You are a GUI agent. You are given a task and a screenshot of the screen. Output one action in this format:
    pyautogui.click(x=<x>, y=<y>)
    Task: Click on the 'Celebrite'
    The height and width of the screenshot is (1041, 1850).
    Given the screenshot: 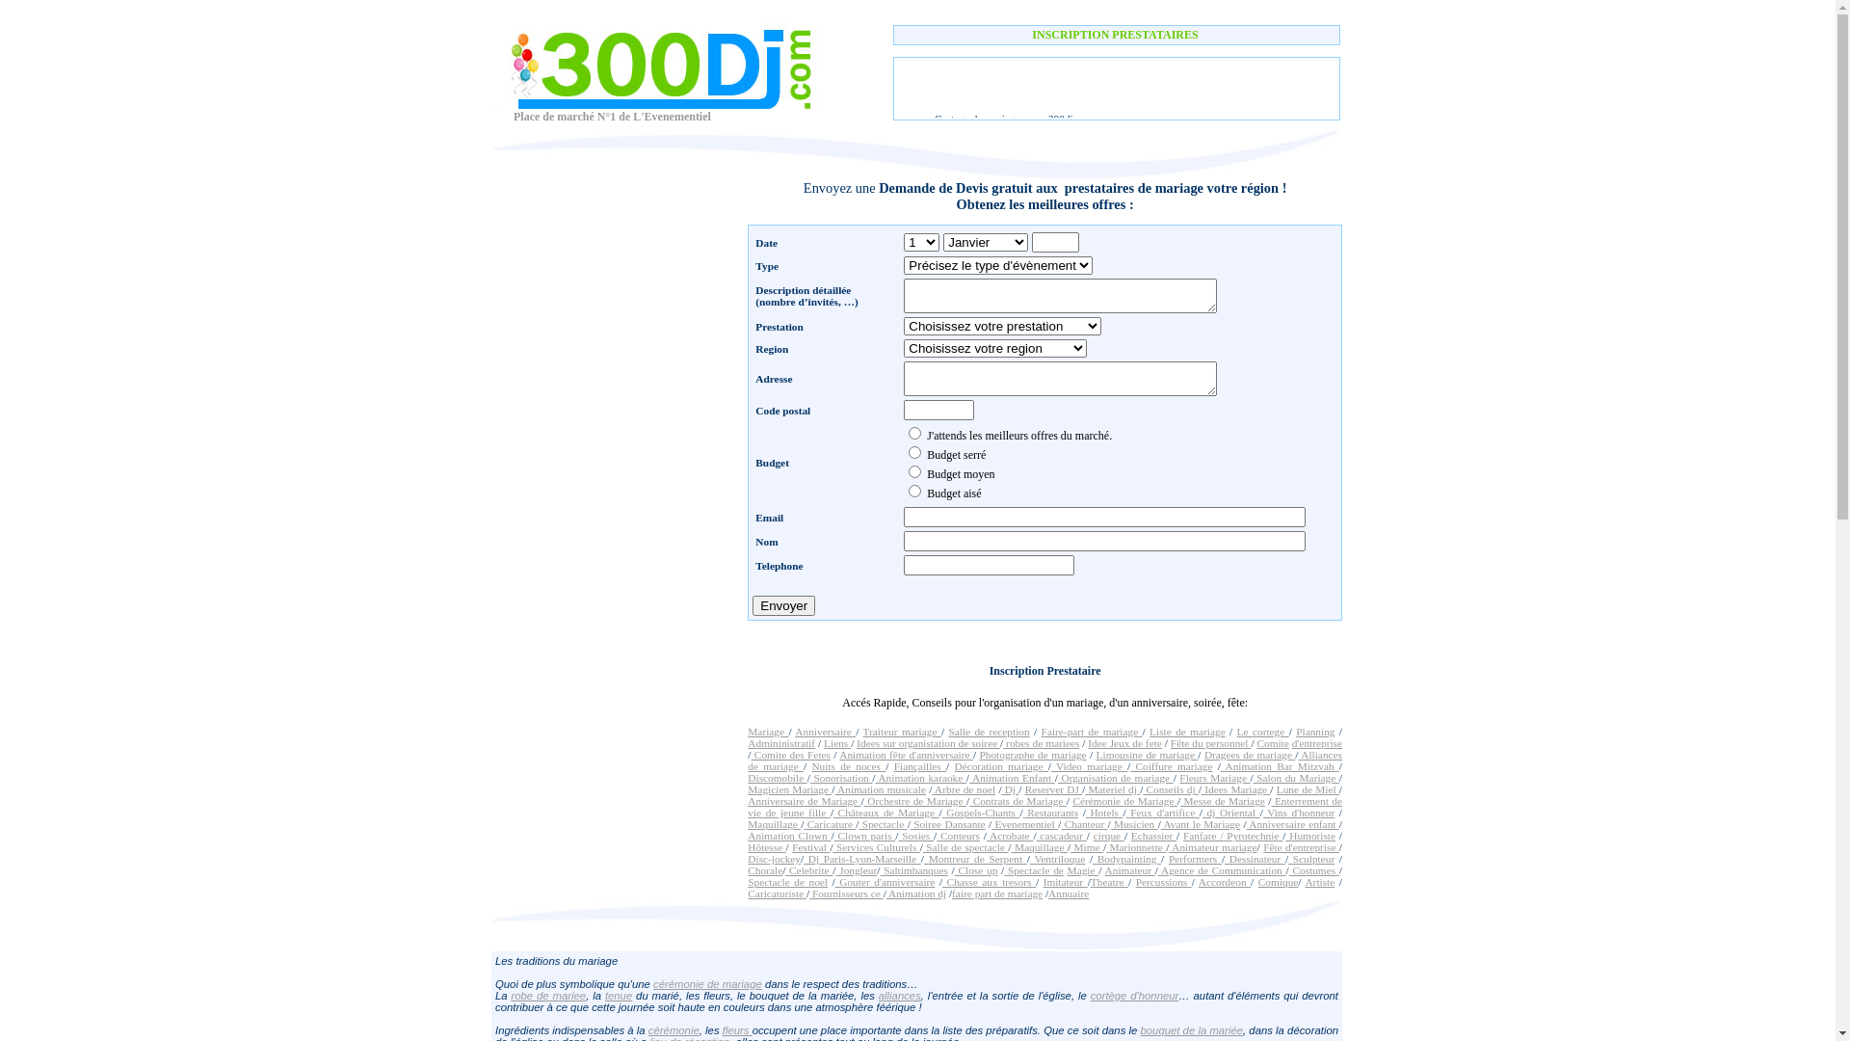 What is the action you would take?
    pyautogui.click(x=808, y=869)
    